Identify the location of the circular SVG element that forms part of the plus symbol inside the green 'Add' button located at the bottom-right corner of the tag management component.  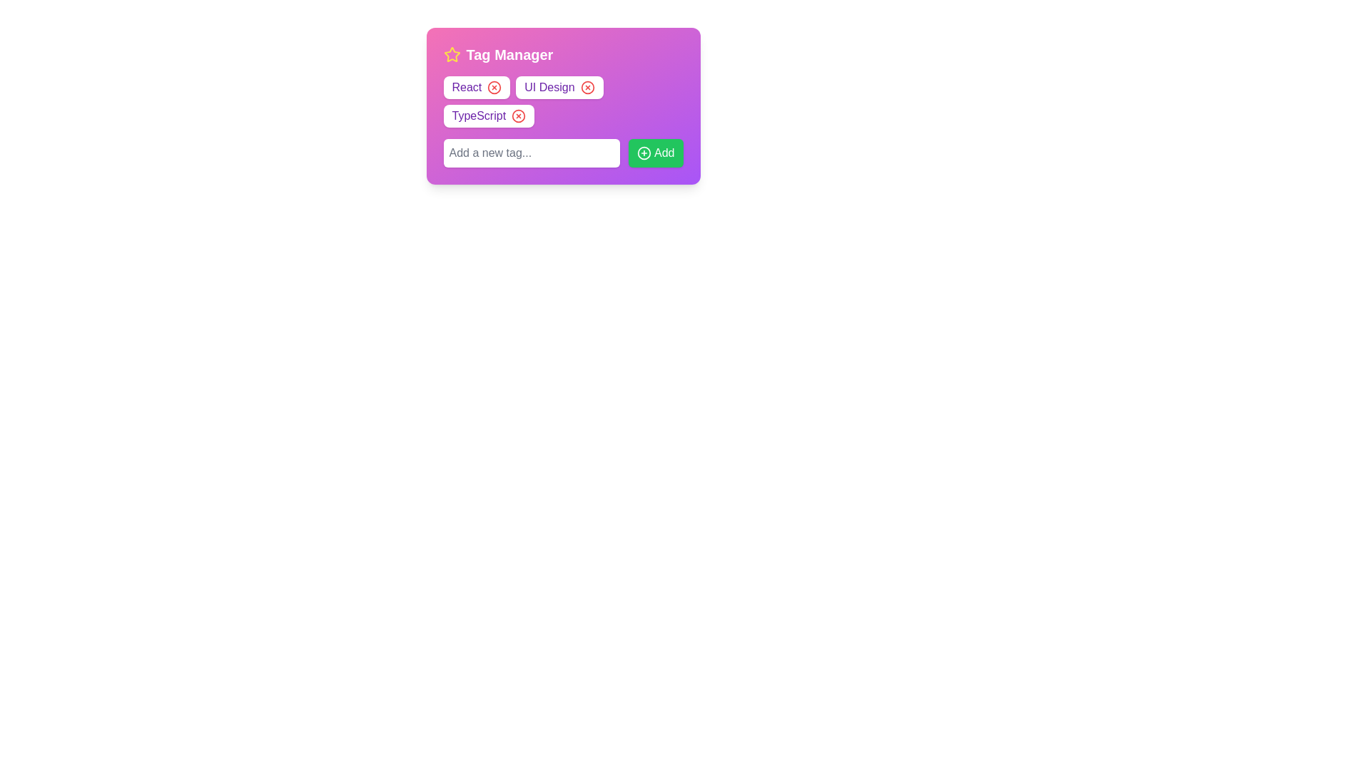
(643, 153).